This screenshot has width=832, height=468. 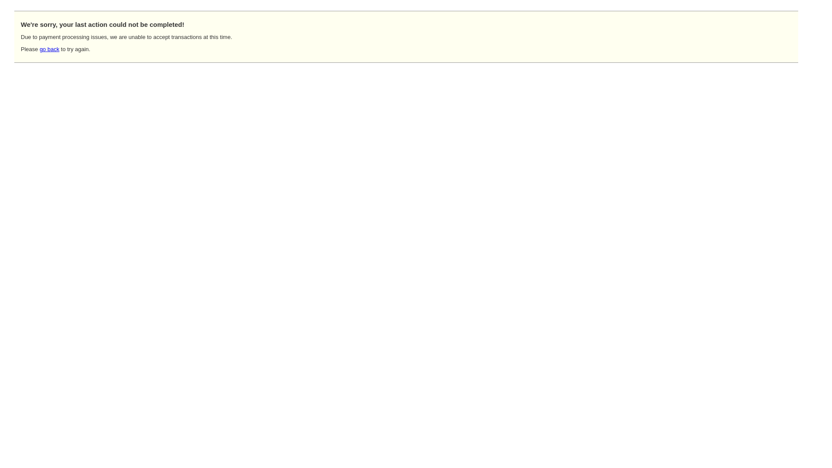 What do you see at coordinates (49, 49) in the screenshot?
I see `'go back'` at bounding box center [49, 49].